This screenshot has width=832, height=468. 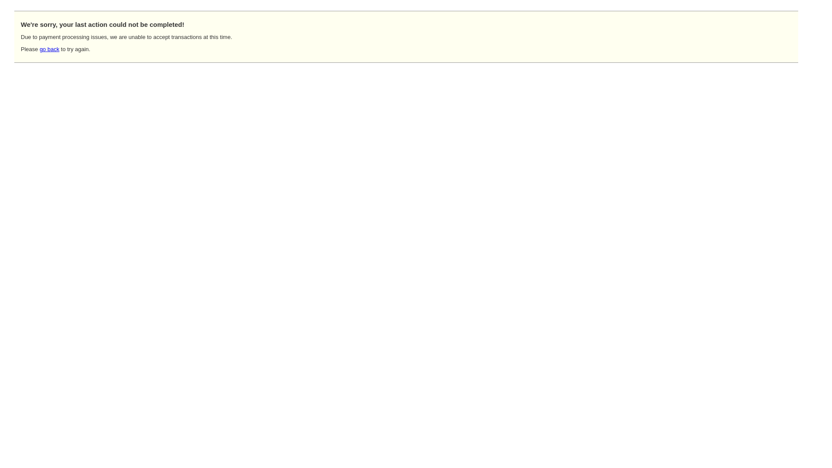 What do you see at coordinates (49, 49) in the screenshot?
I see `'go back'` at bounding box center [49, 49].